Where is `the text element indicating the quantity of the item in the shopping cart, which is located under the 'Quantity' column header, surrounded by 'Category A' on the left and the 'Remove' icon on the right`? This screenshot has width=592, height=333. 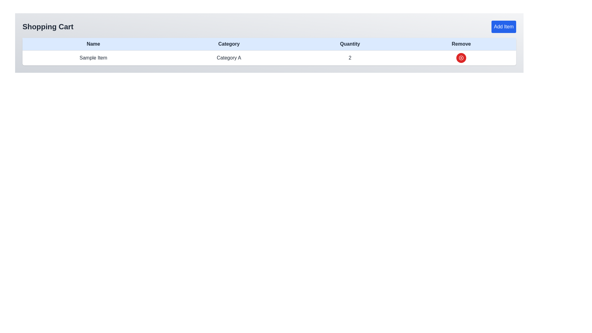 the text element indicating the quantity of the item in the shopping cart, which is located under the 'Quantity' column header, surrounded by 'Category A' on the left and the 'Remove' icon on the right is located at coordinates (350, 58).